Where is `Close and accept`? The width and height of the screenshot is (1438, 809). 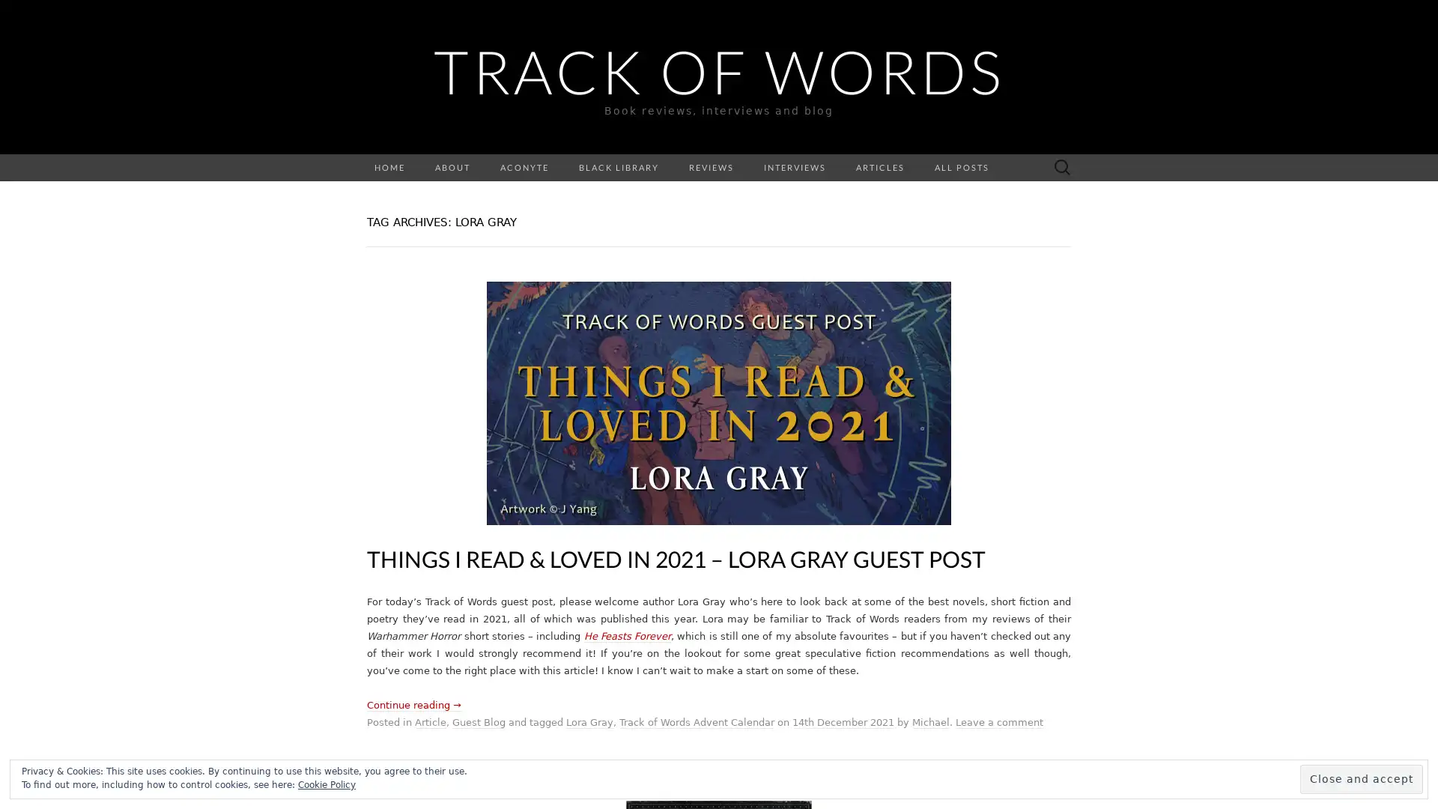
Close and accept is located at coordinates (1362, 778).